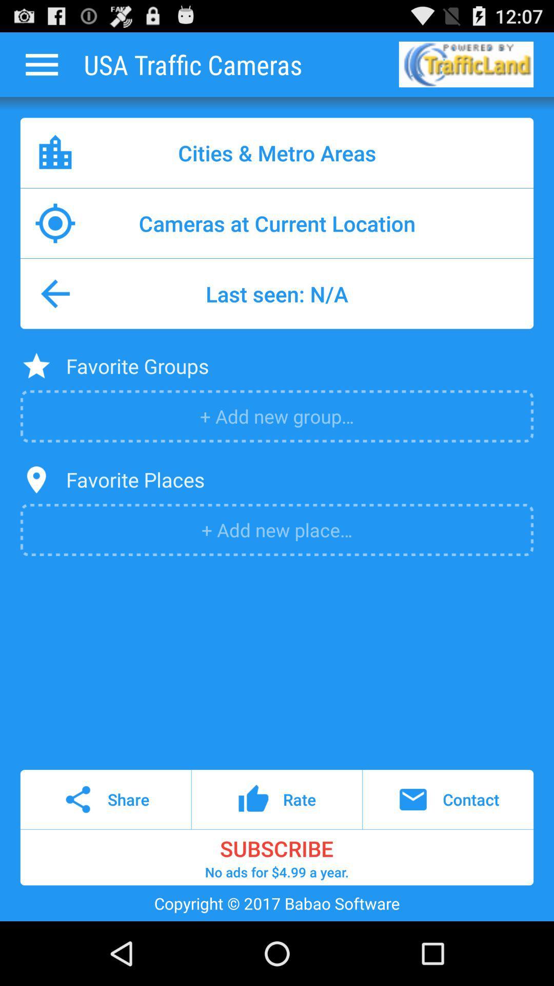 This screenshot has height=986, width=554. What do you see at coordinates (36, 479) in the screenshot?
I see `the item to the left of favorite places icon` at bounding box center [36, 479].